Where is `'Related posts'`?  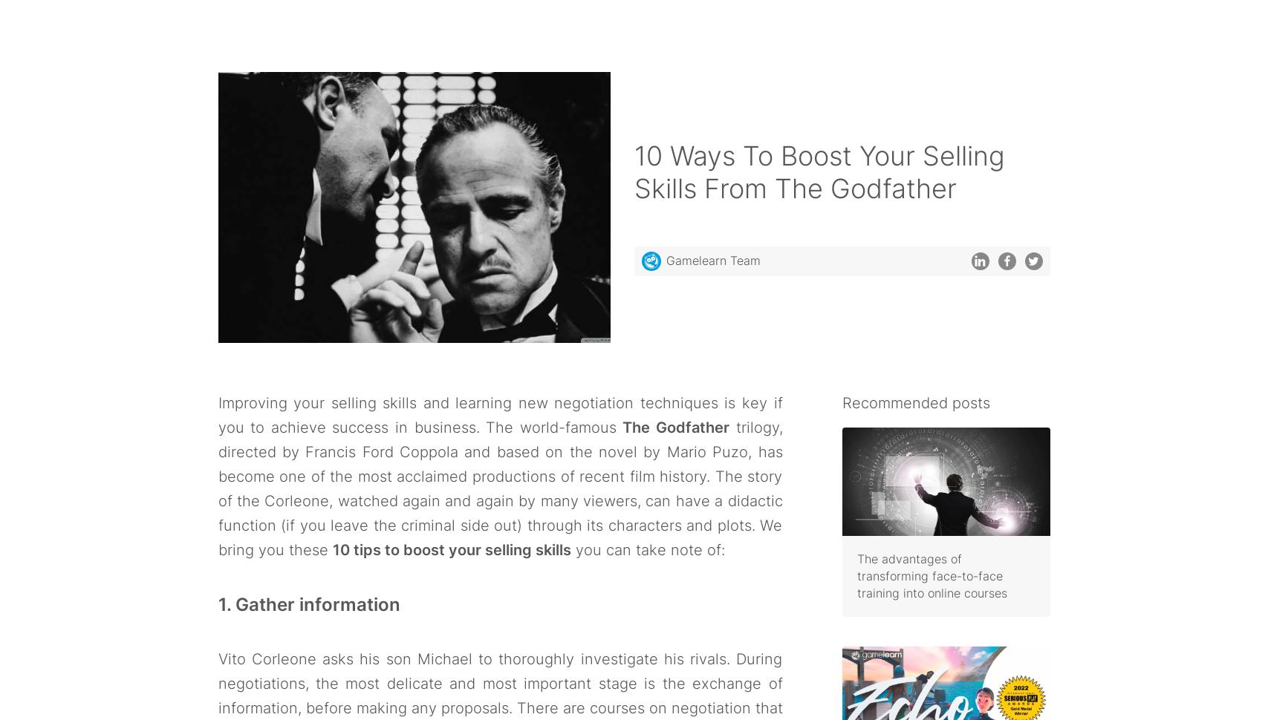 'Related posts' is located at coordinates (293, 246).